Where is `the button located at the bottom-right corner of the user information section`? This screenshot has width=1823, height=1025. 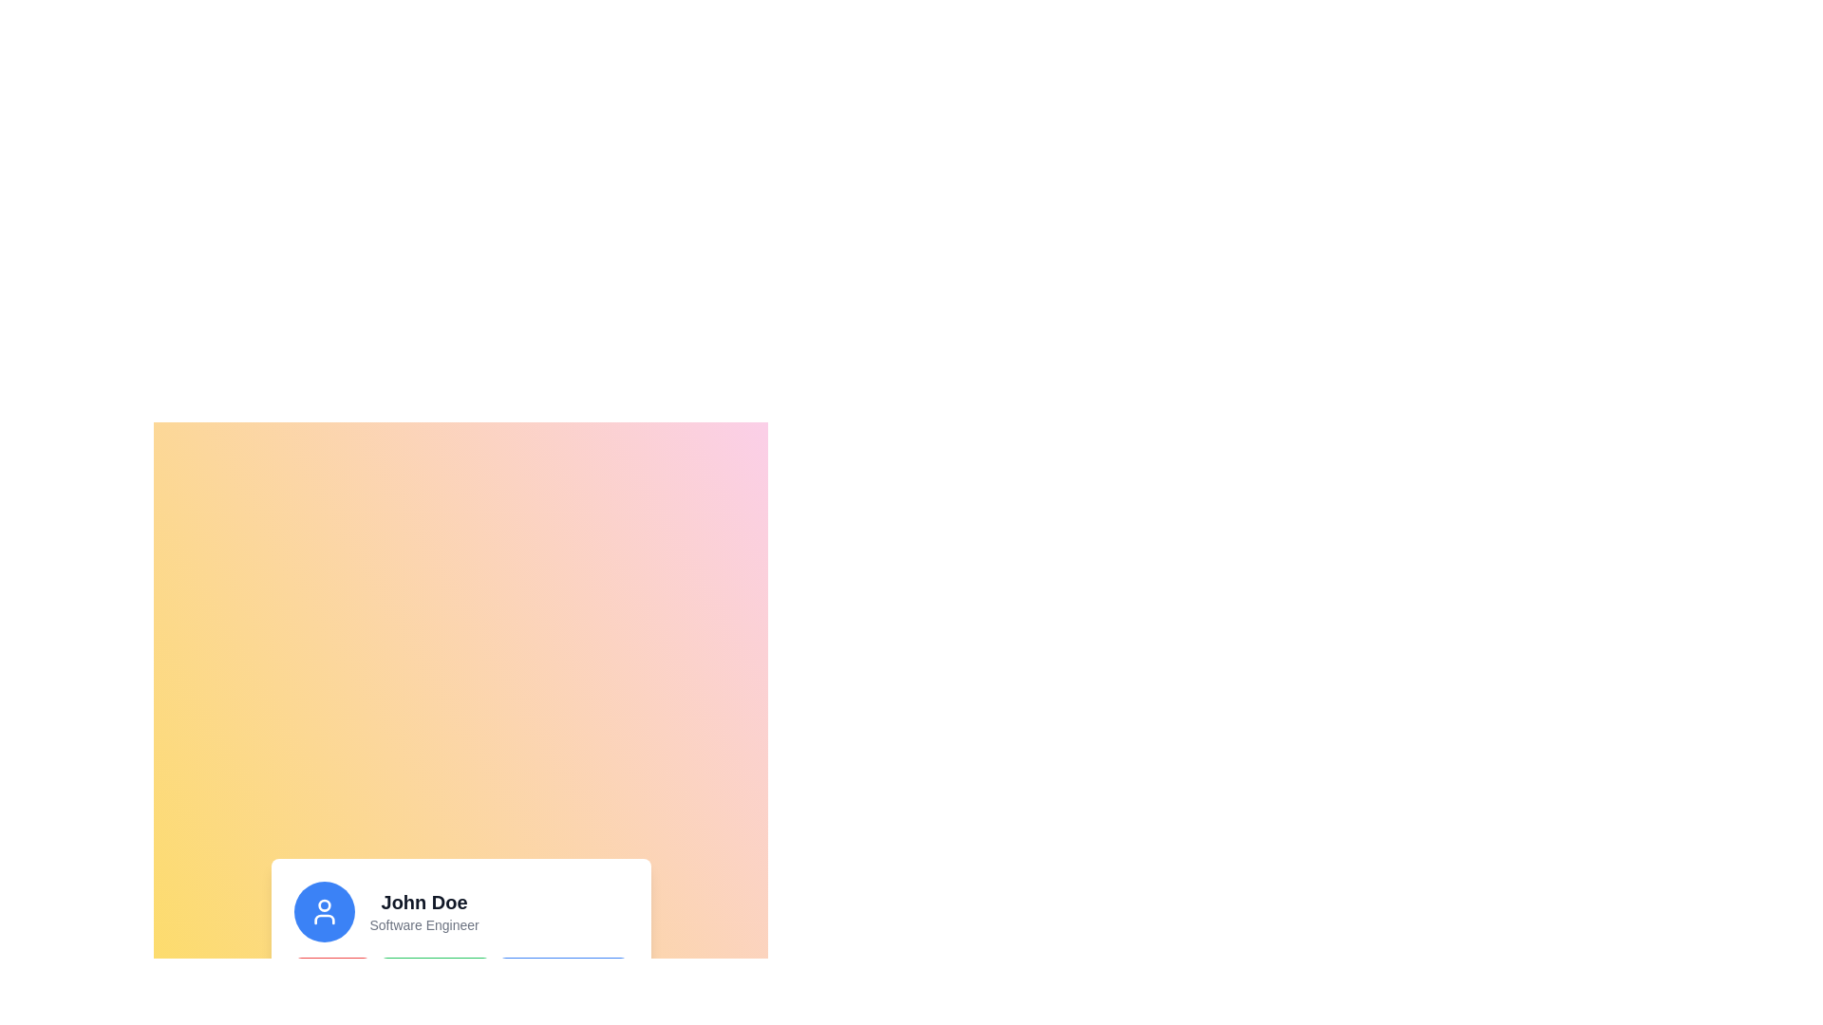 the button located at the bottom-right corner of the user information section is located at coordinates (562, 973).